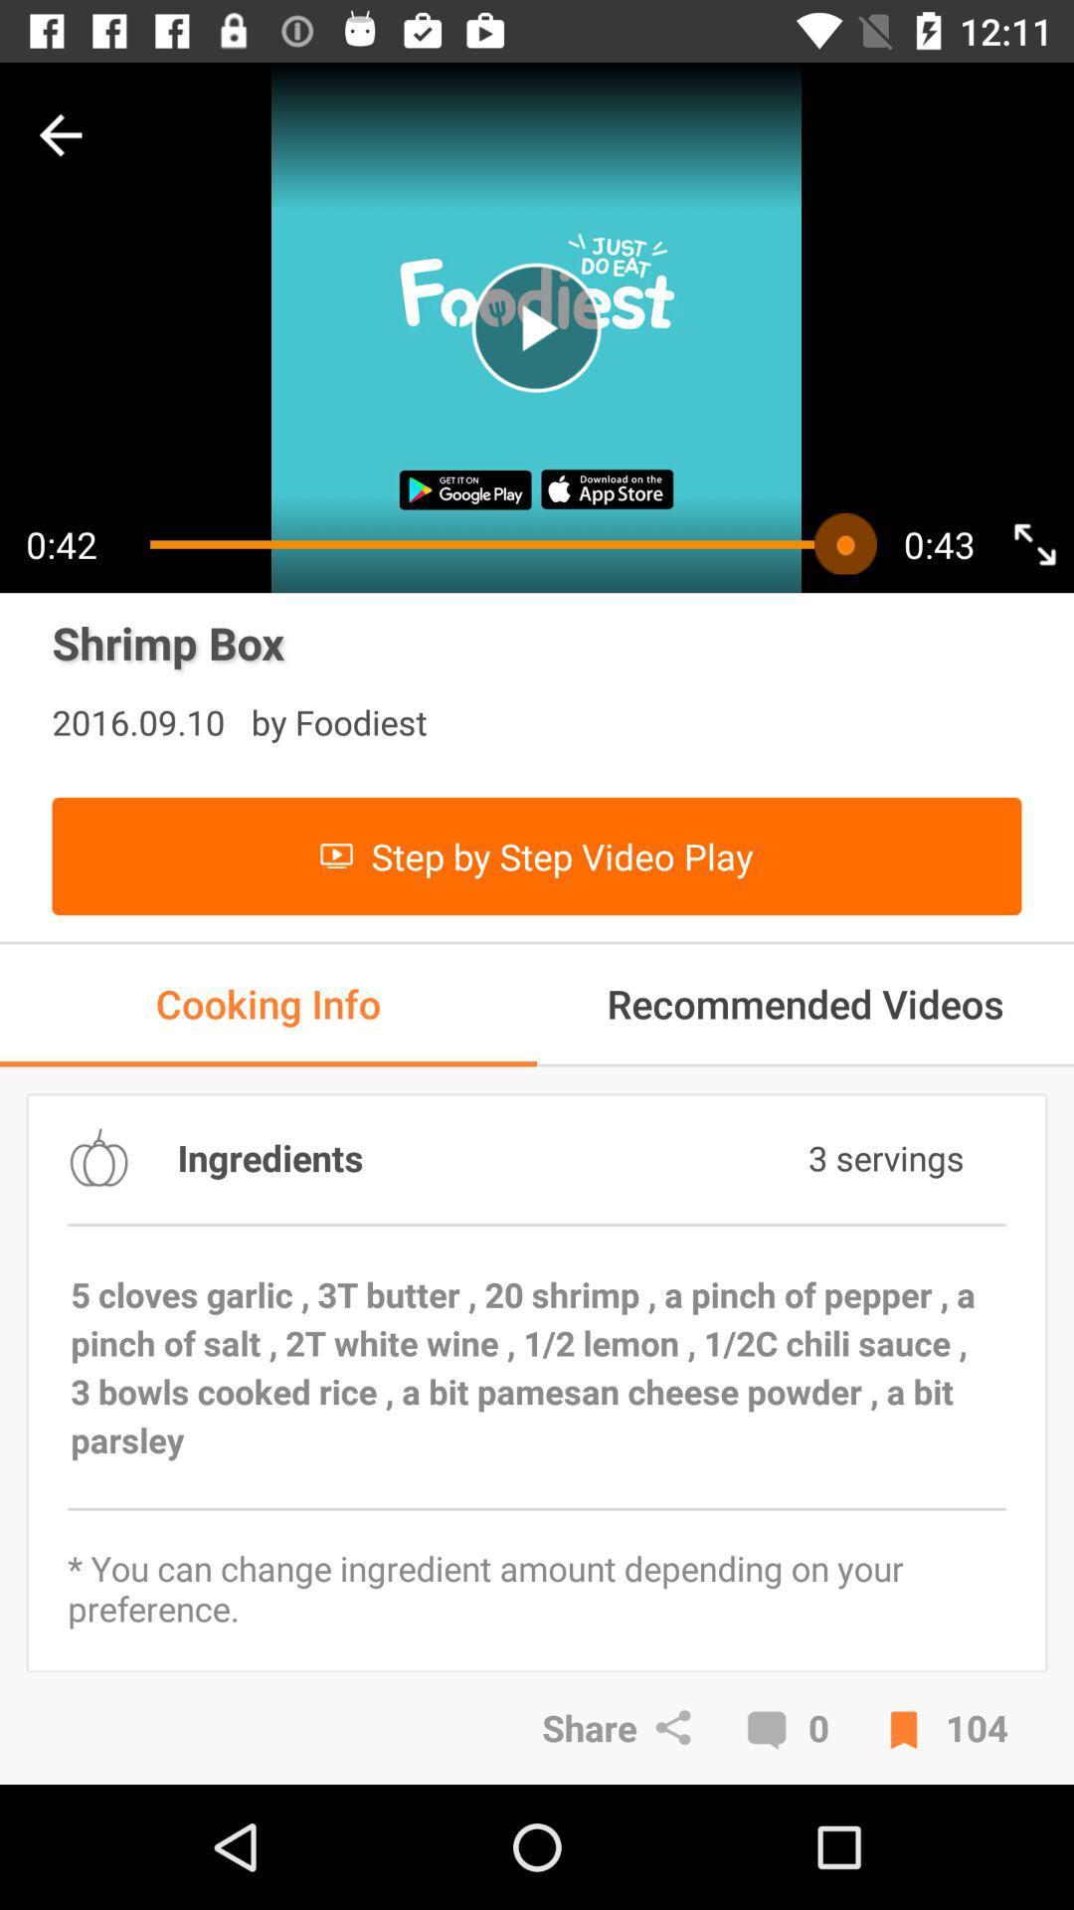 This screenshot has height=1910, width=1074. I want to click on previous page, so click(60, 134).